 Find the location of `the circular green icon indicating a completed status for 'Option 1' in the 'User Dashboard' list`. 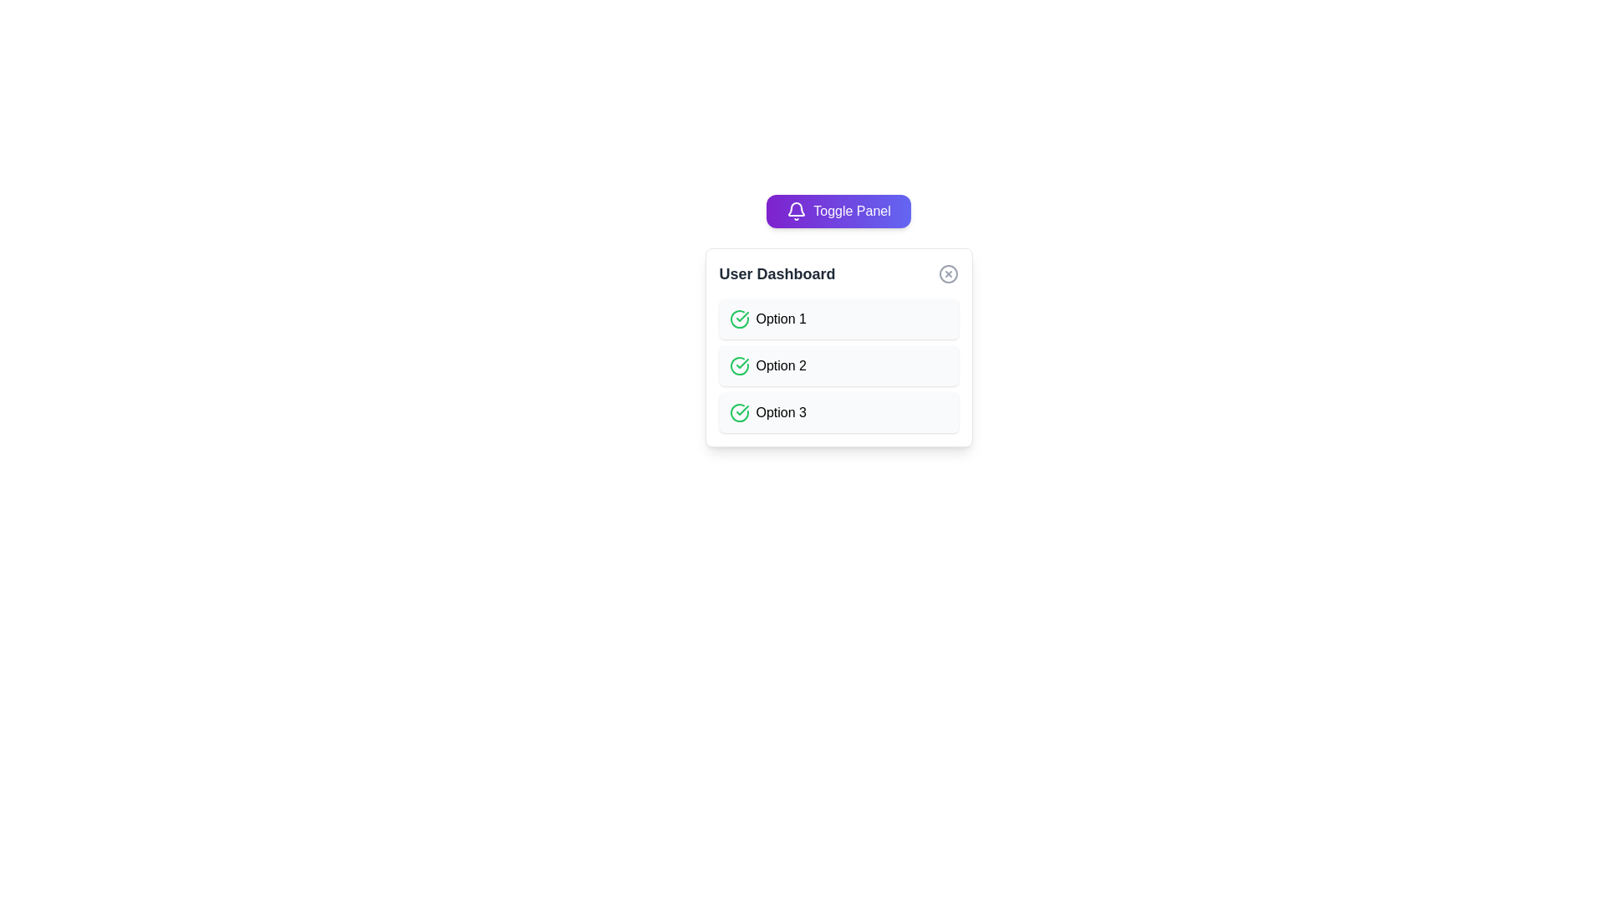

the circular green icon indicating a completed status for 'Option 1' in the 'User Dashboard' list is located at coordinates (741, 363).